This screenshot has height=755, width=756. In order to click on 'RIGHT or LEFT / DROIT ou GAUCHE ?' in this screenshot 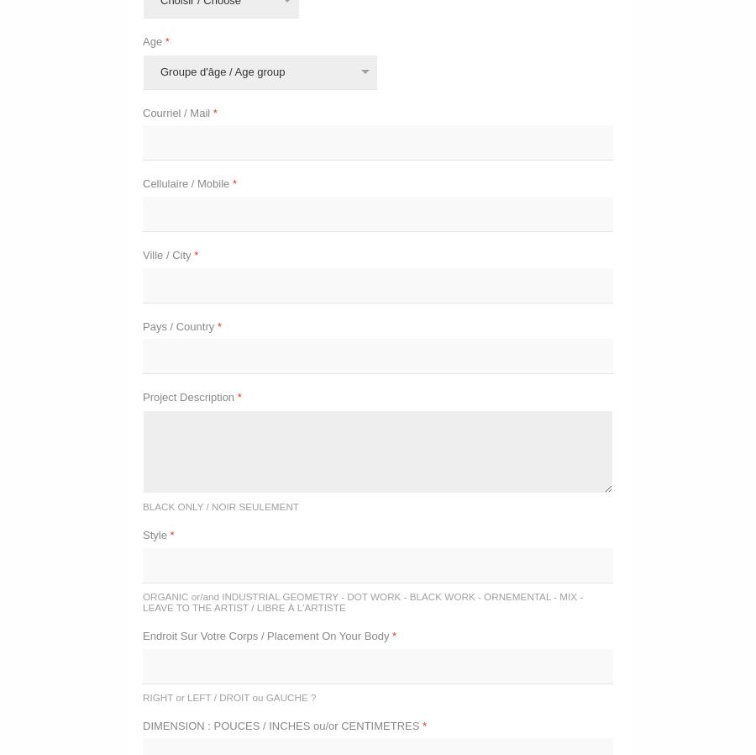, I will do `click(228, 696)`.